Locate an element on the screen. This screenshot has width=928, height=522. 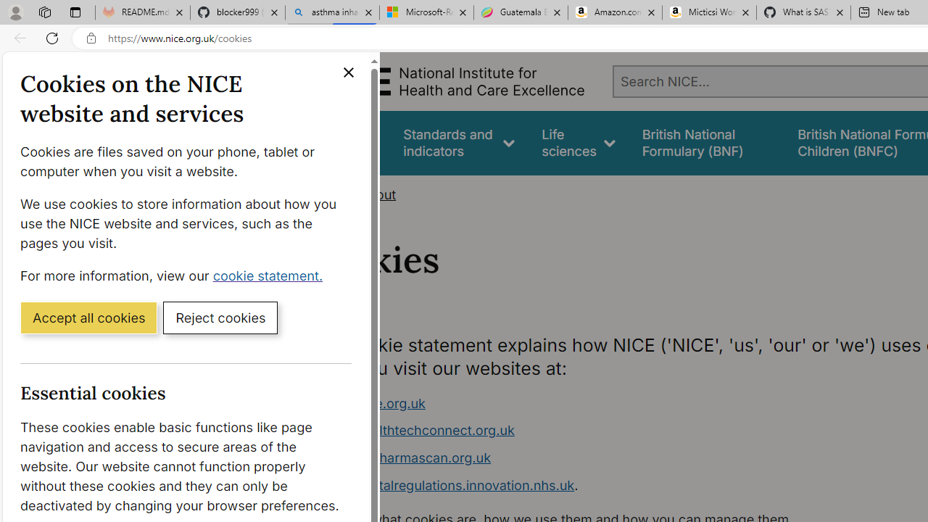
'Life sciences' is located at coordinates (578, 143).